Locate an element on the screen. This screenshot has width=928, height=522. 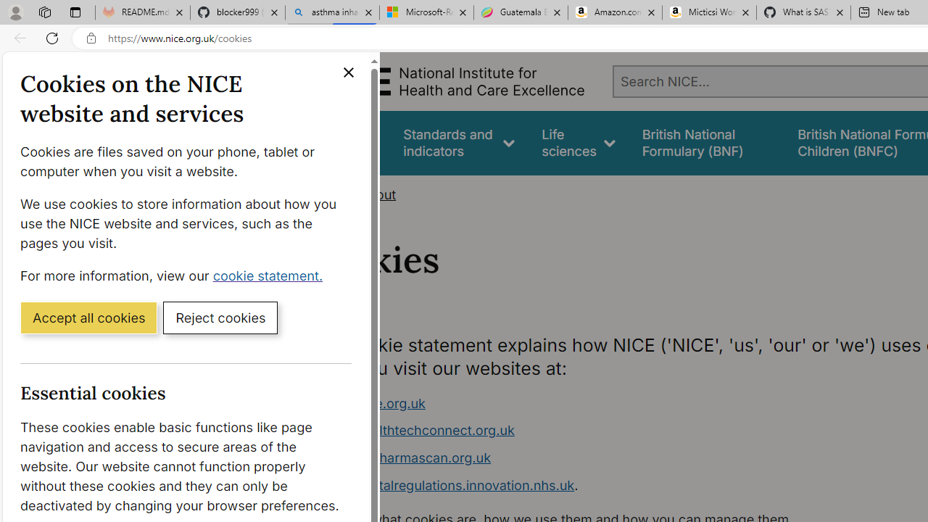
'Life sciences' is located at coordinates (578, 143).